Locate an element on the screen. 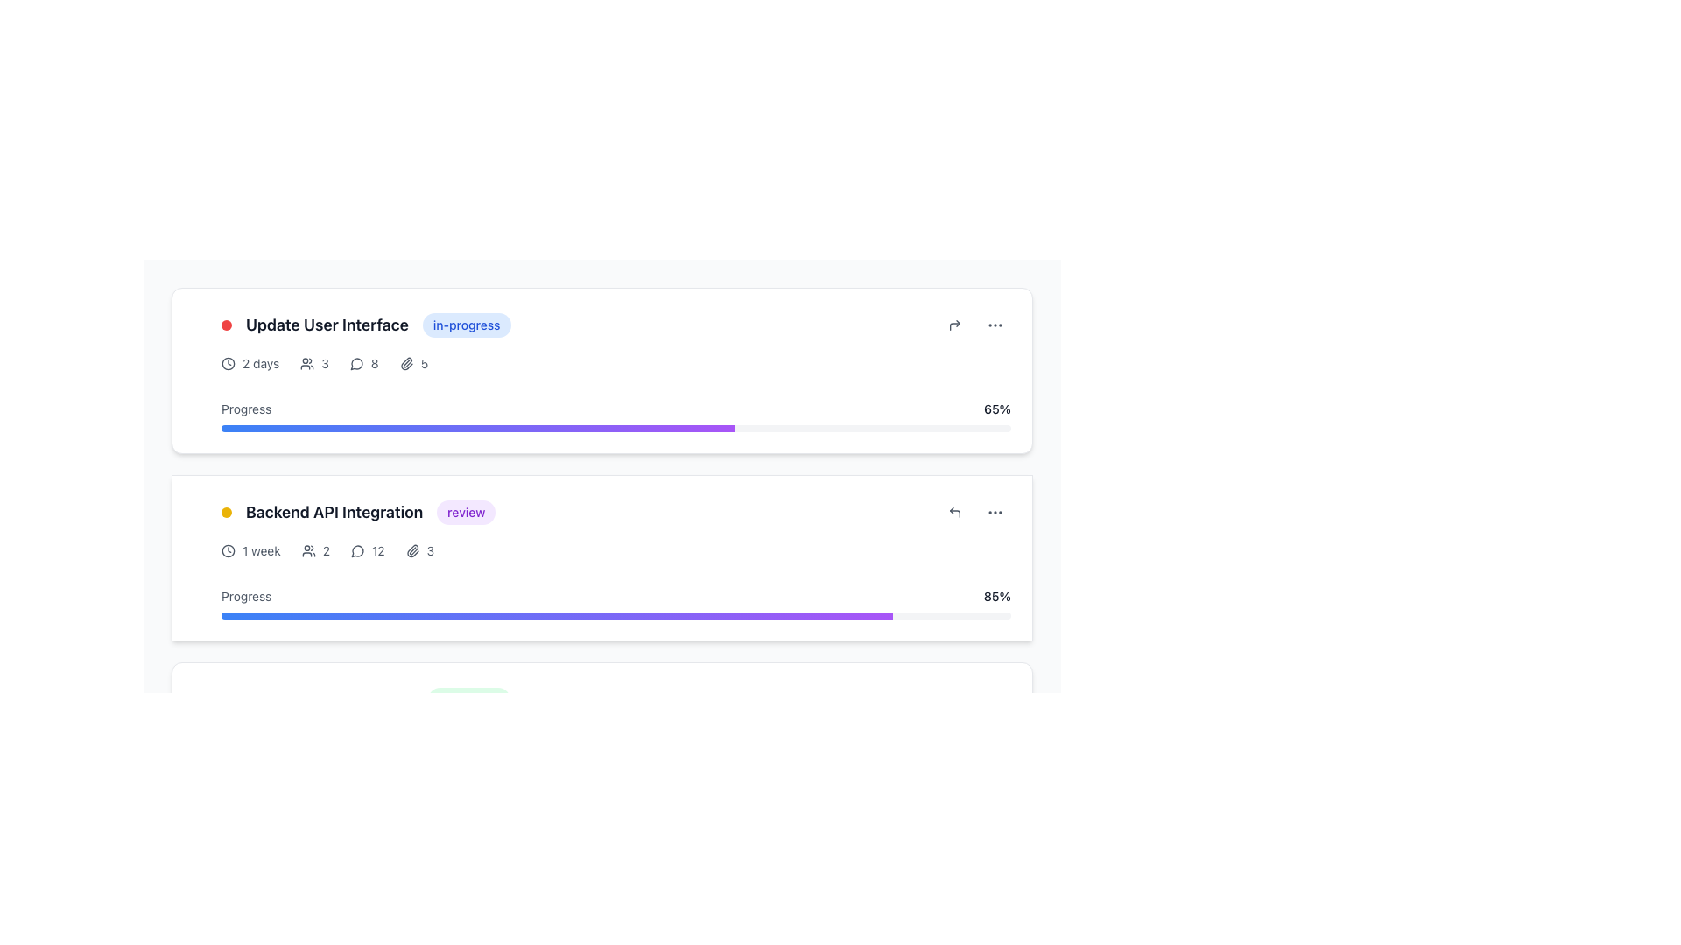 The width and height of the screenshot is (1681, 945). the progress bar styled with a gradient from blue to purple, located under the 'Progress' label in the 'Backend API Integration' task card is located at coordinates (616, 615).